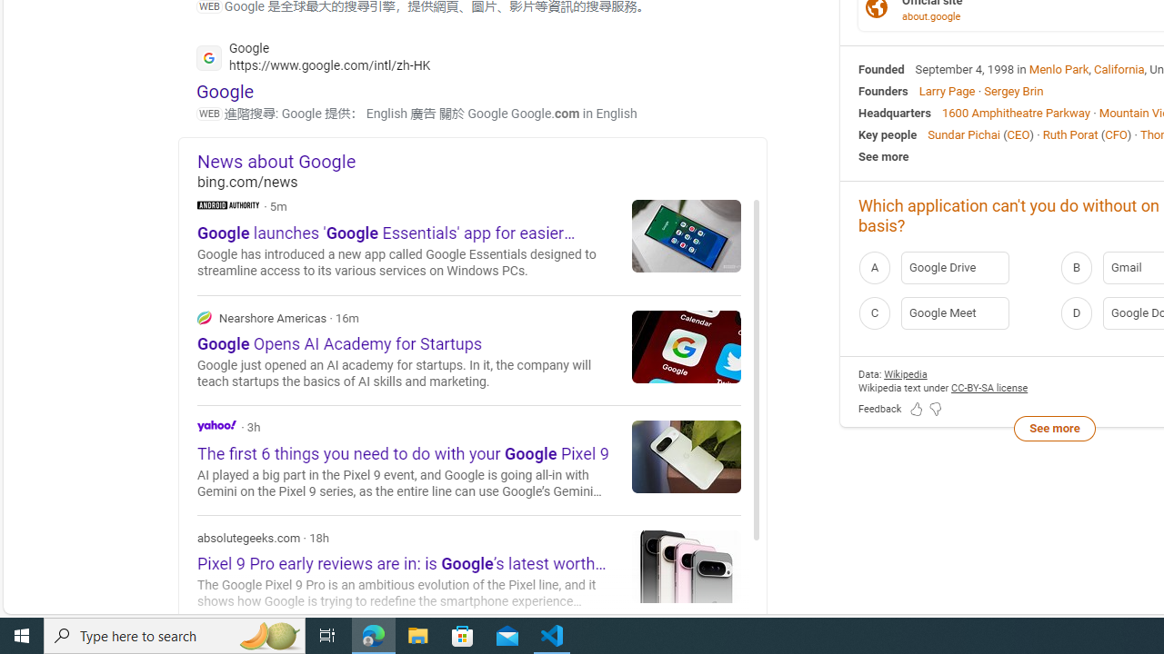 The image size is (1164, 654). I want to click on 'California', so click(1119, 67).